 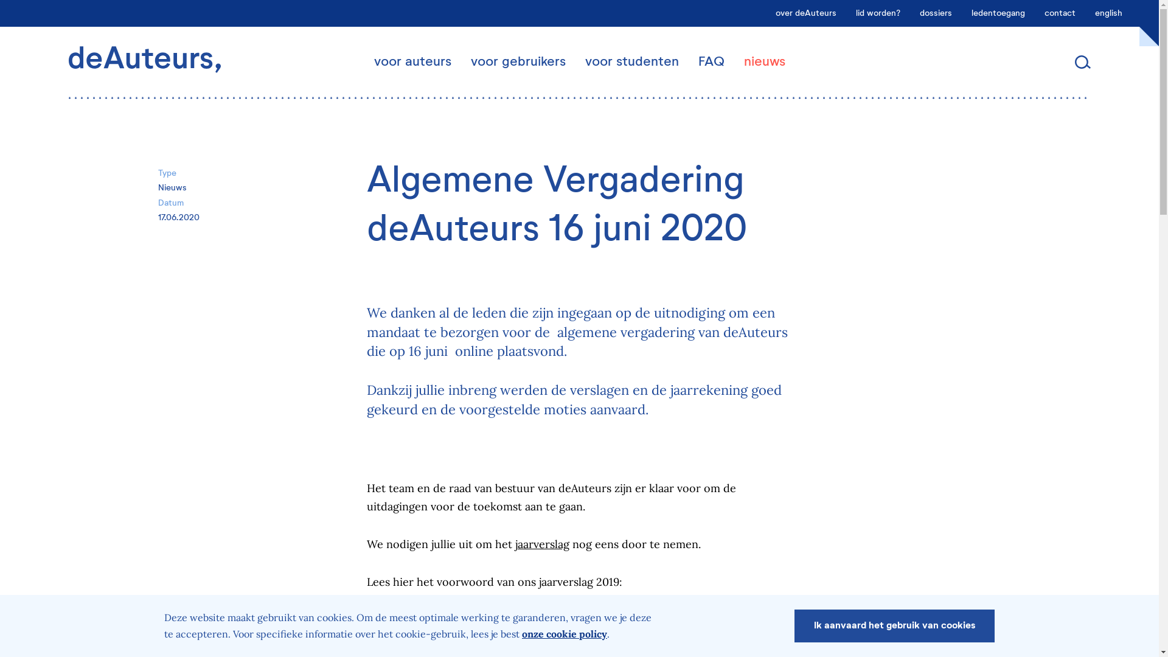 What do you see at coordinates (563, 633) in the screenshot?
I see `'onze cookie policy'` at bounding box center [563, 633].